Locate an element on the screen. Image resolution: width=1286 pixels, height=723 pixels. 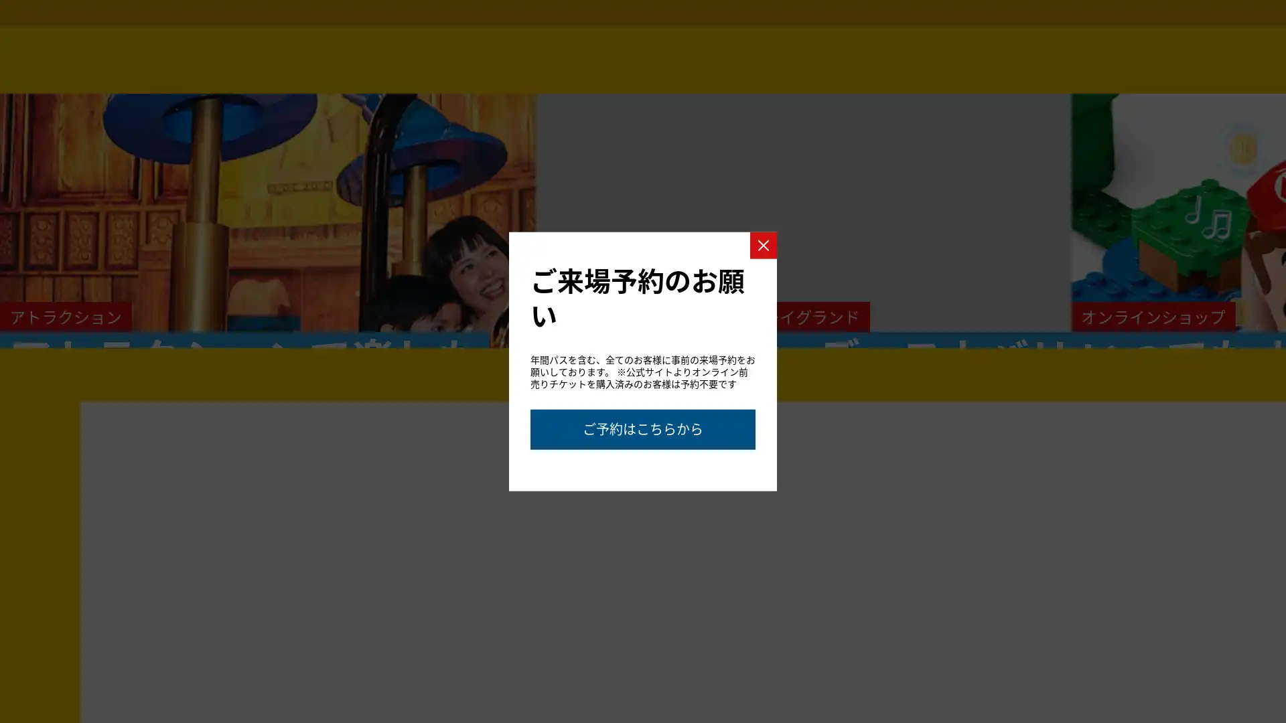
Go to slide 3 is located at coordinates (658, 518).